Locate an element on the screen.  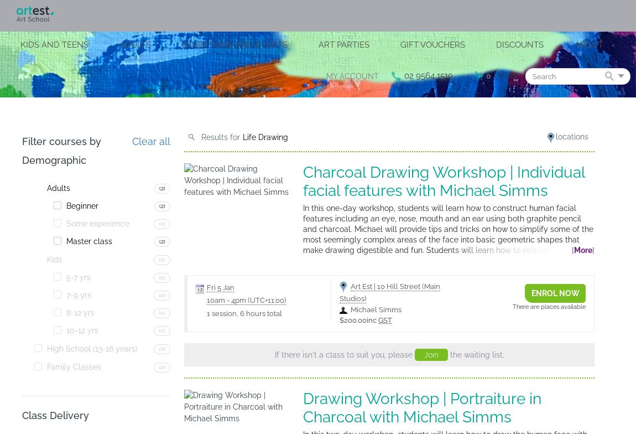
'7-9 yrs' is located at coordinates (78, 294).